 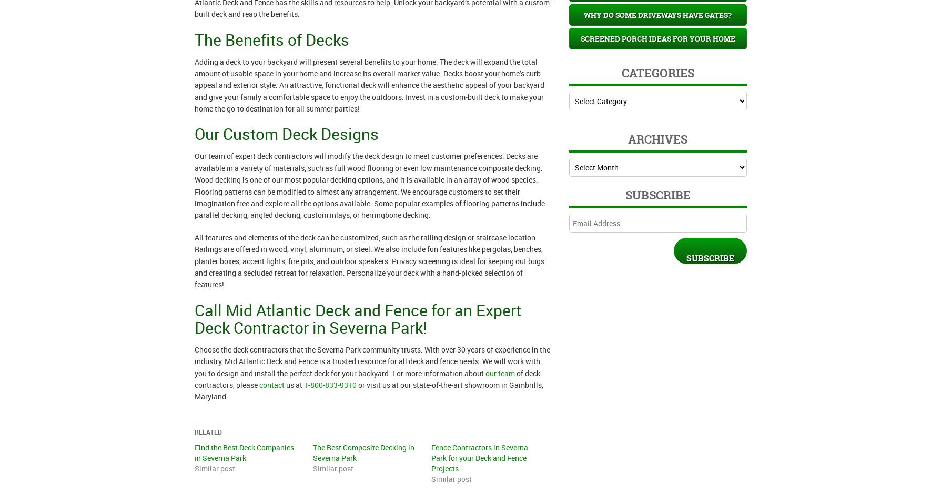 I want to click on 'our team', so click(x=499, y=373).